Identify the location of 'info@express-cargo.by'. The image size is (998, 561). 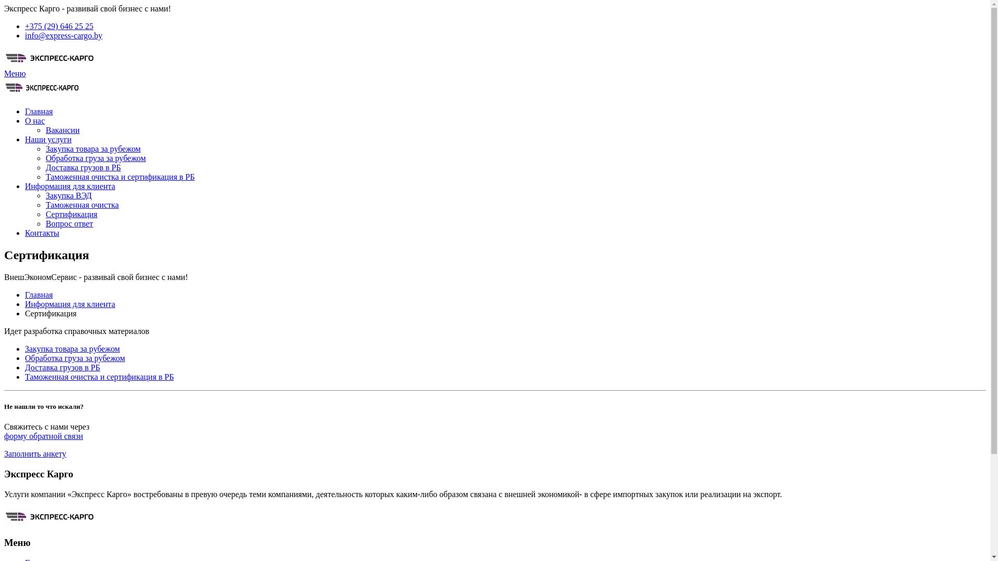
(63, 35).